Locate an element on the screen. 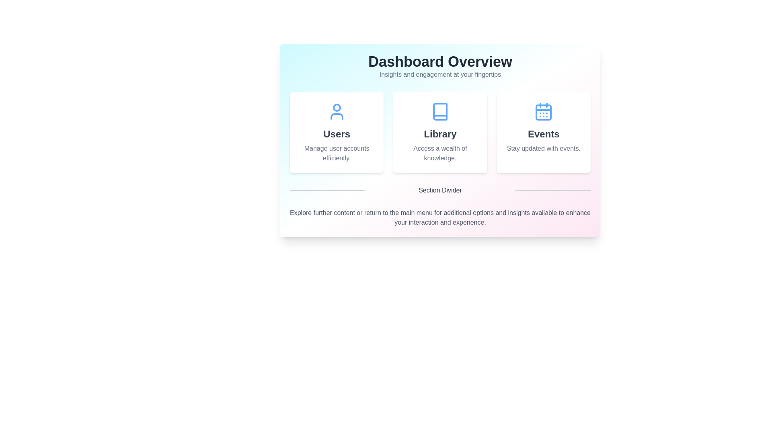 Image resolution: width=772 pixels, height=434 pixels. the 'Events' icon located at the top center of the Events section is located at coordinates (544, 111).